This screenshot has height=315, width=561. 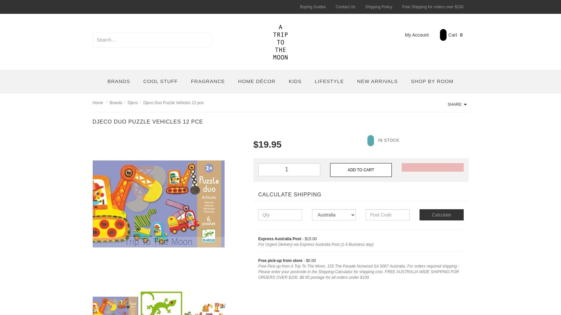 I want to click on '- $15.00', so click(x=308, y=239).